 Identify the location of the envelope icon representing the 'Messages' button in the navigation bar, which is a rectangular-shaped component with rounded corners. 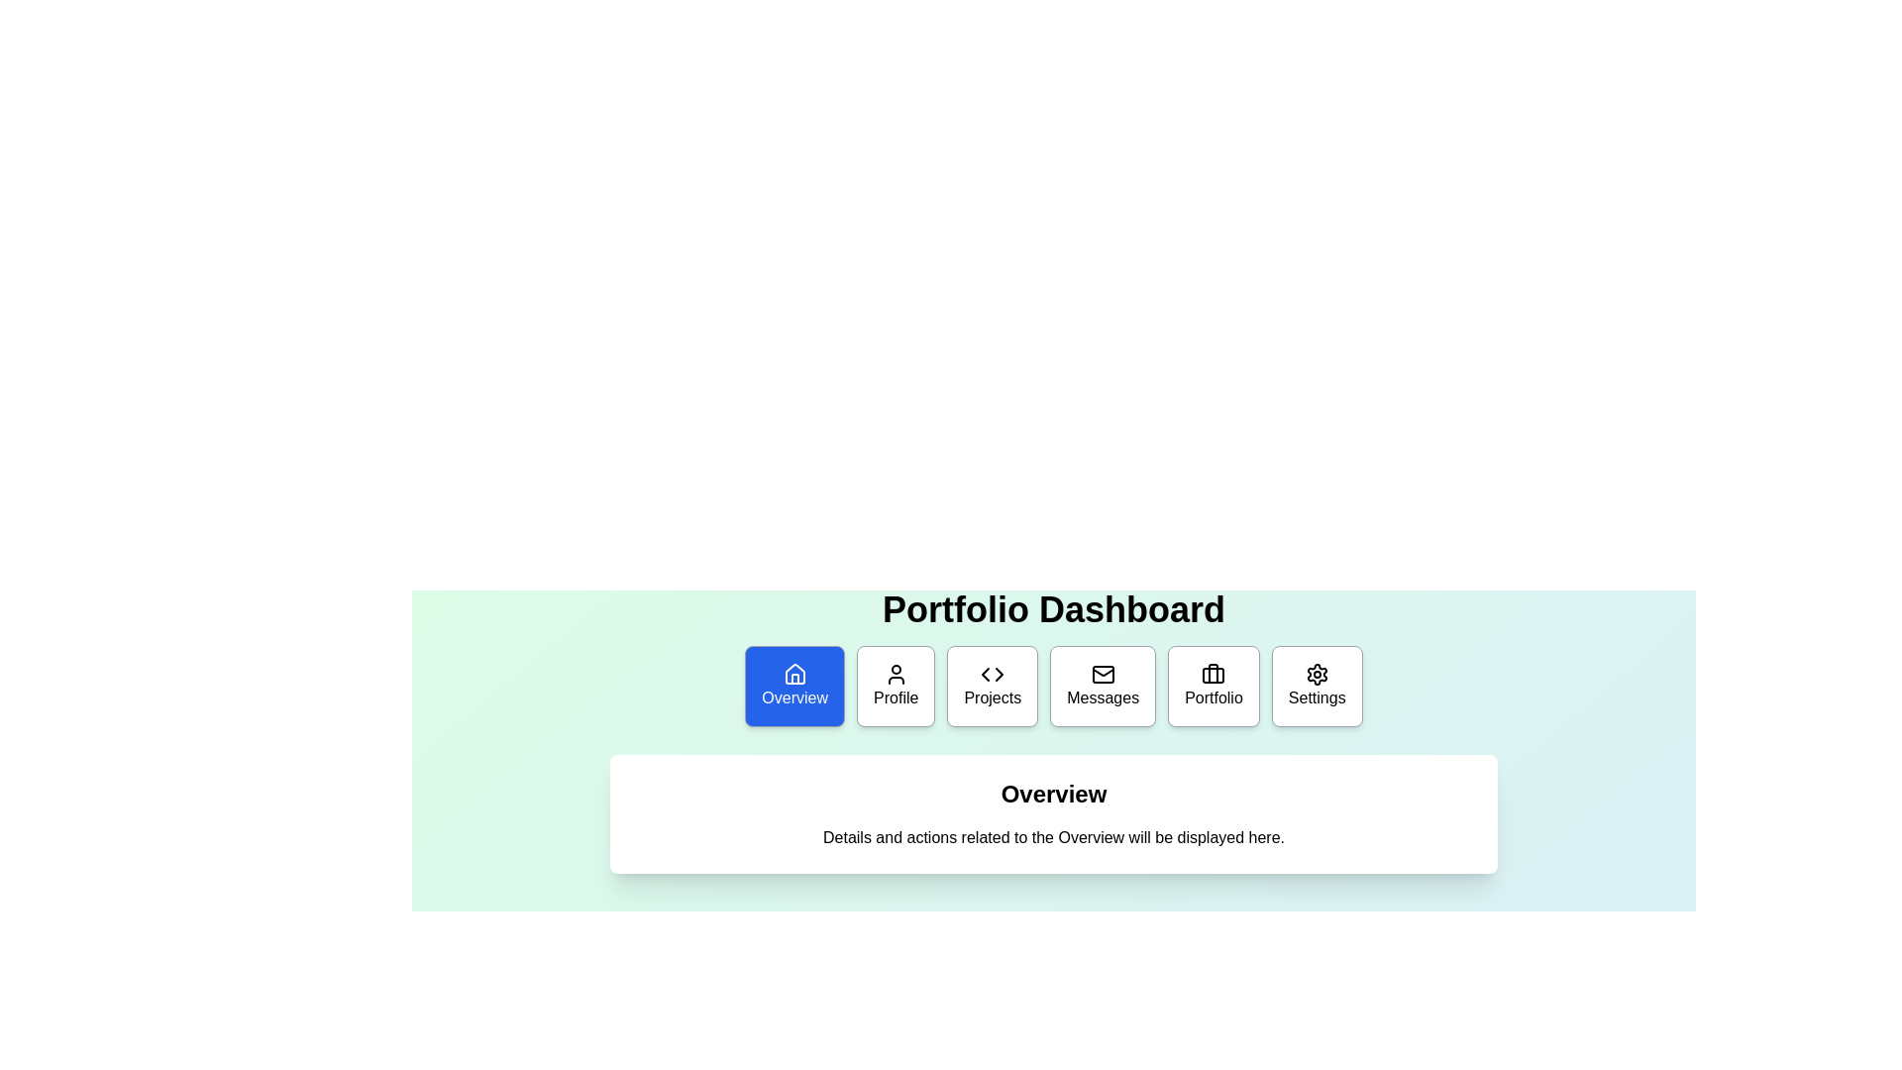
(1102, 674).